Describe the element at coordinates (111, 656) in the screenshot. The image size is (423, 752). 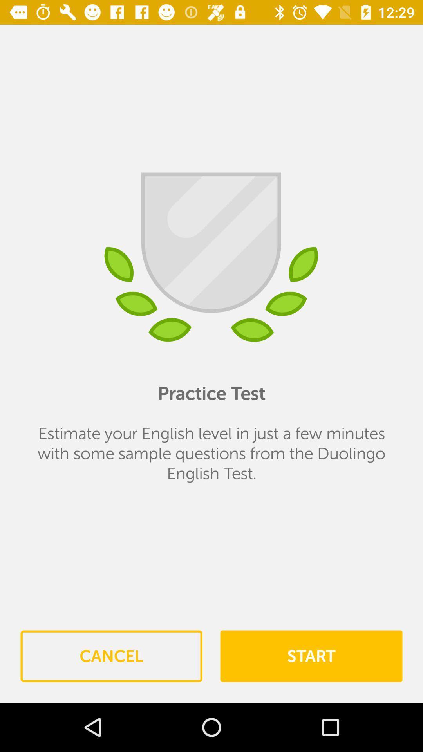
I see `item next to the start` at that location.